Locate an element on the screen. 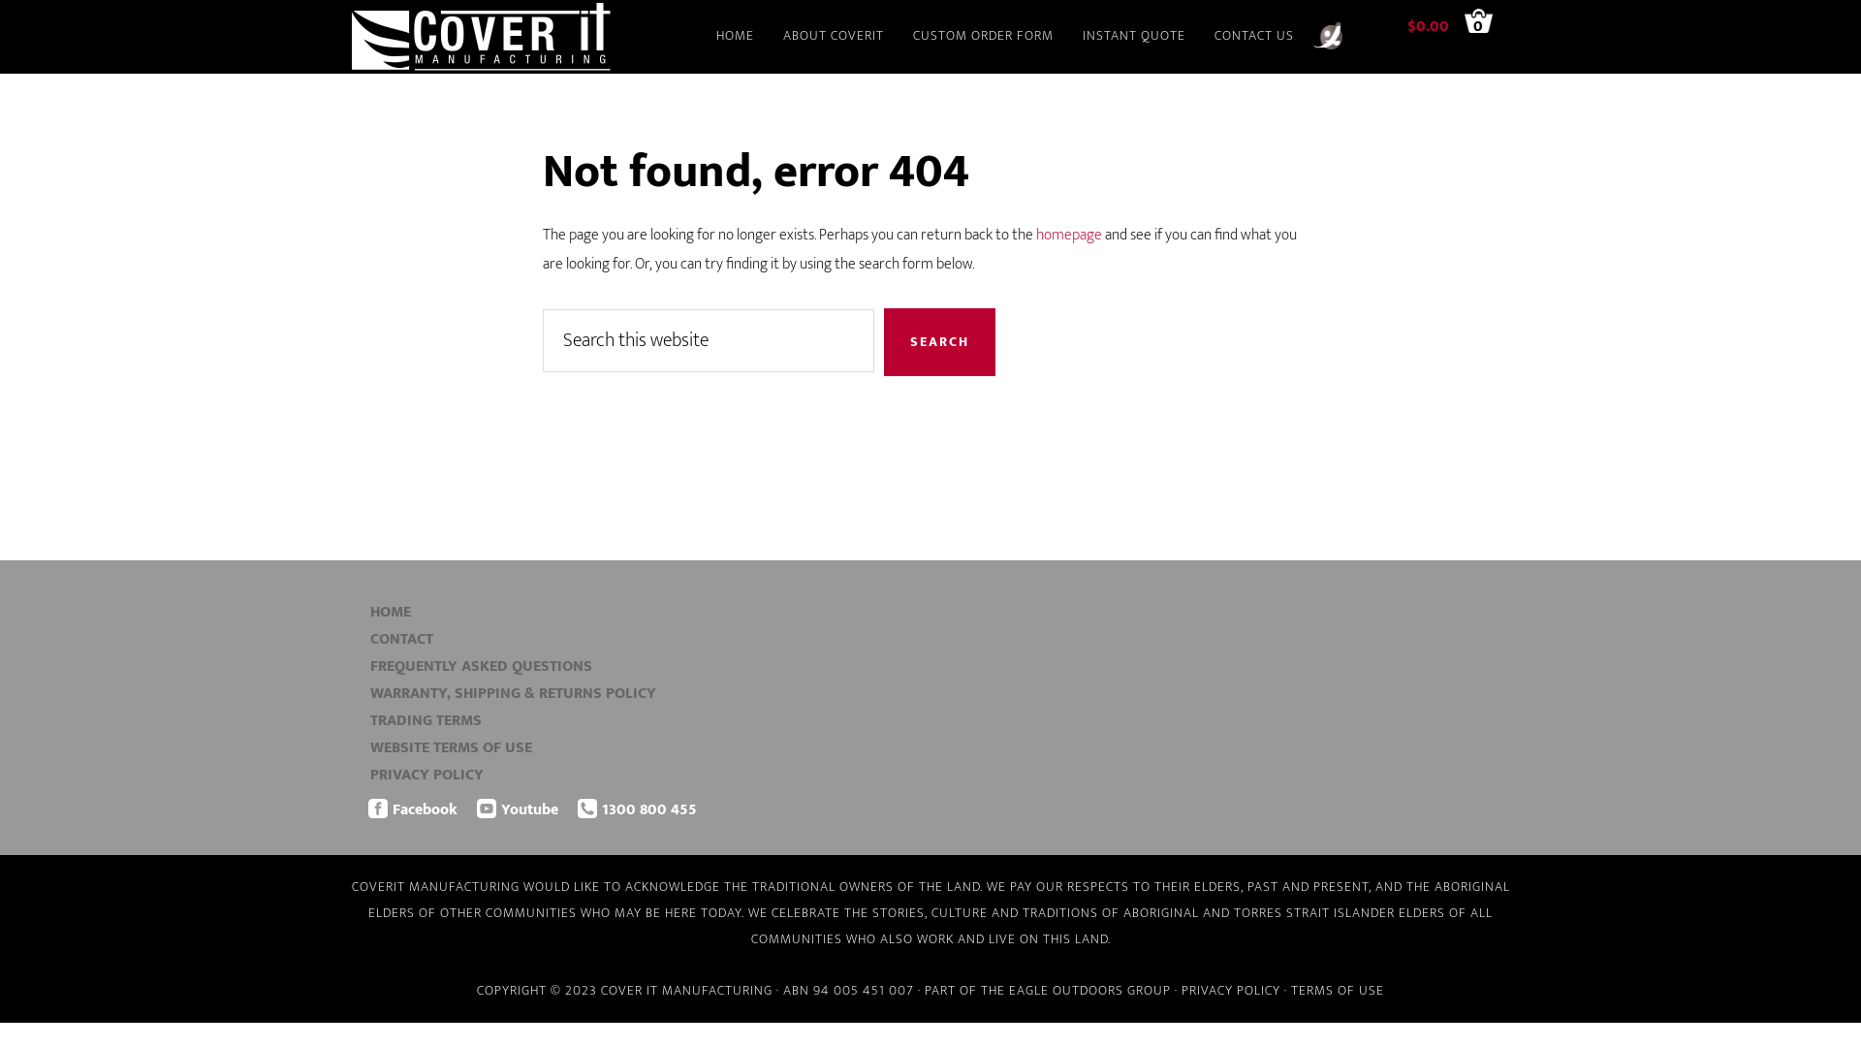 The height and width of the screenshot is (1047, 1861). 'PRIVACY POLICY' is located at coordinates (1230, 990).